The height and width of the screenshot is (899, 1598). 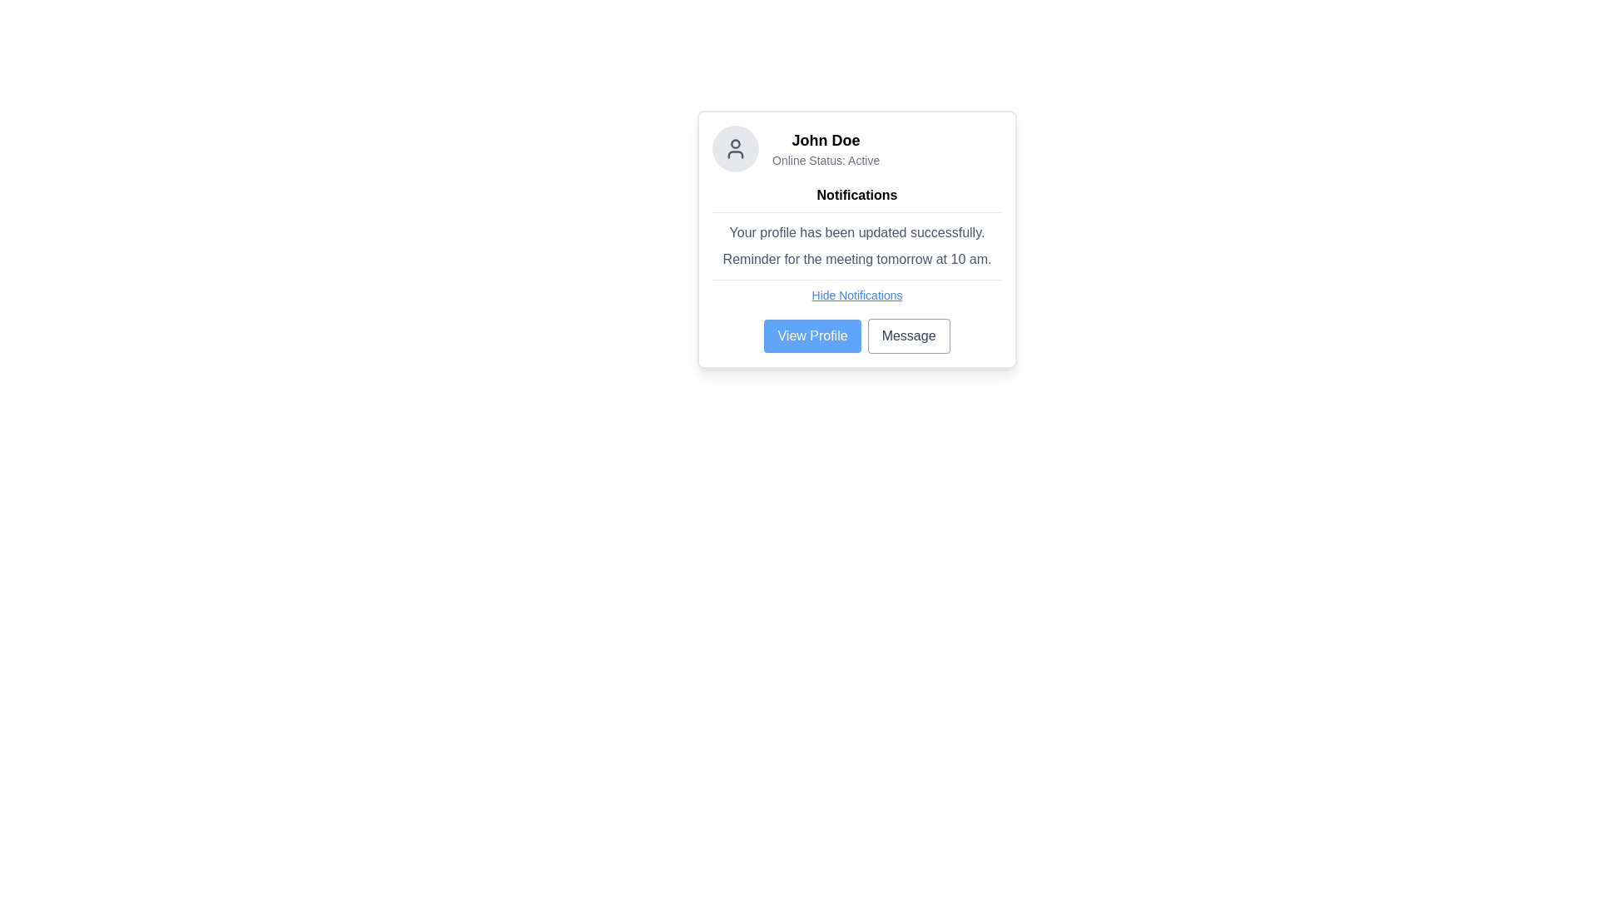 I want to click on the text notification element that displays 'Your profile has been updated successfully.' and 'Reminder for the meeting tomorrow at 10 am.' in the notifications panel, so click(x=857, y=246).